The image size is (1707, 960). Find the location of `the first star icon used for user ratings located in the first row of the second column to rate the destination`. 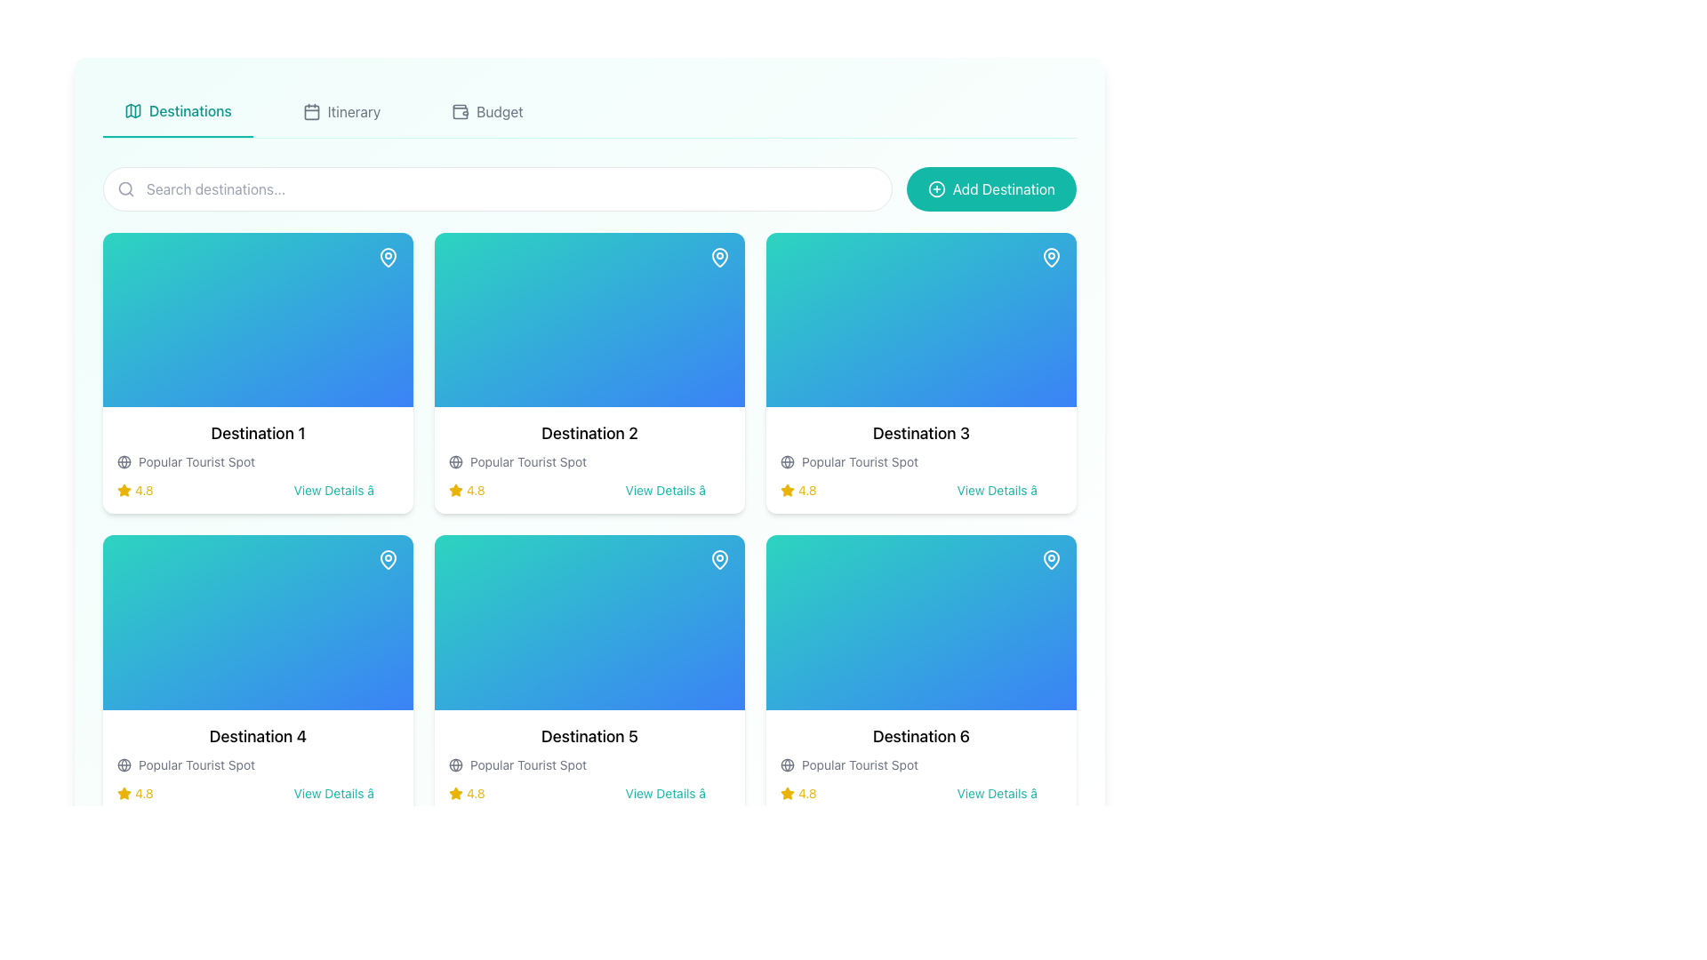

the first star icon used for user ratings located in the first row of the second column to rate the destination is located at coordinates (787, 490).